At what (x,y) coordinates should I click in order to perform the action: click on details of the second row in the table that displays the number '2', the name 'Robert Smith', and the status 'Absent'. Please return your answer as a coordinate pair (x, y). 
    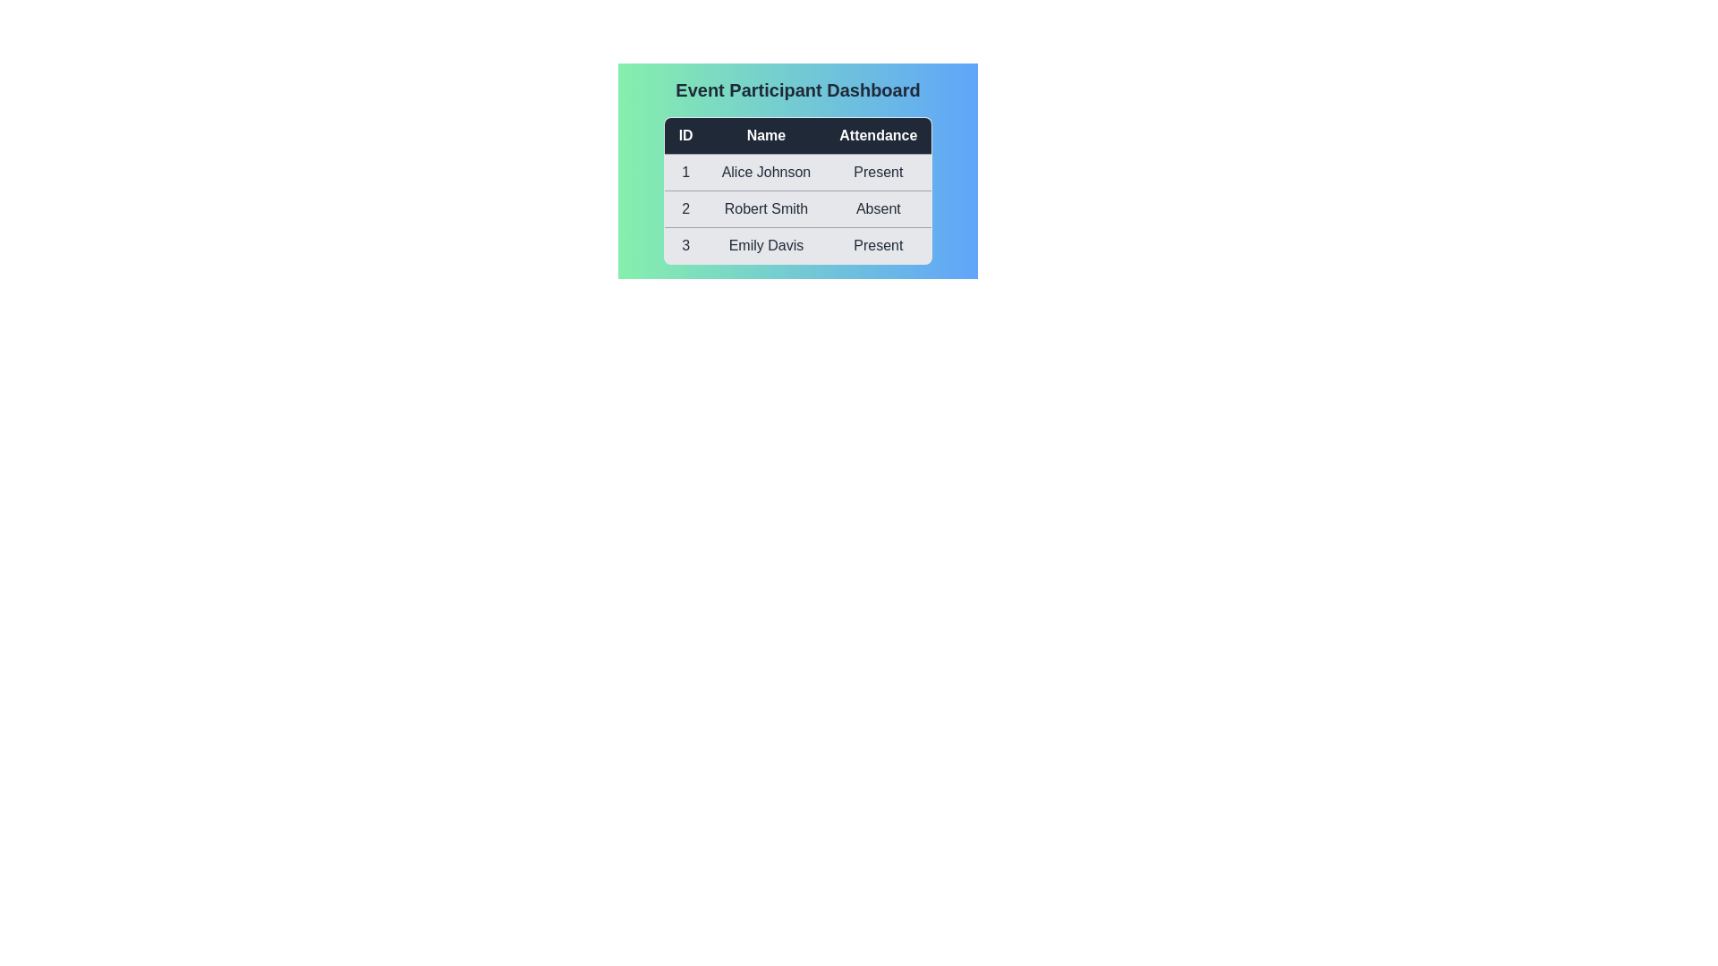
    Looking at the image, I should click on (797, 208).